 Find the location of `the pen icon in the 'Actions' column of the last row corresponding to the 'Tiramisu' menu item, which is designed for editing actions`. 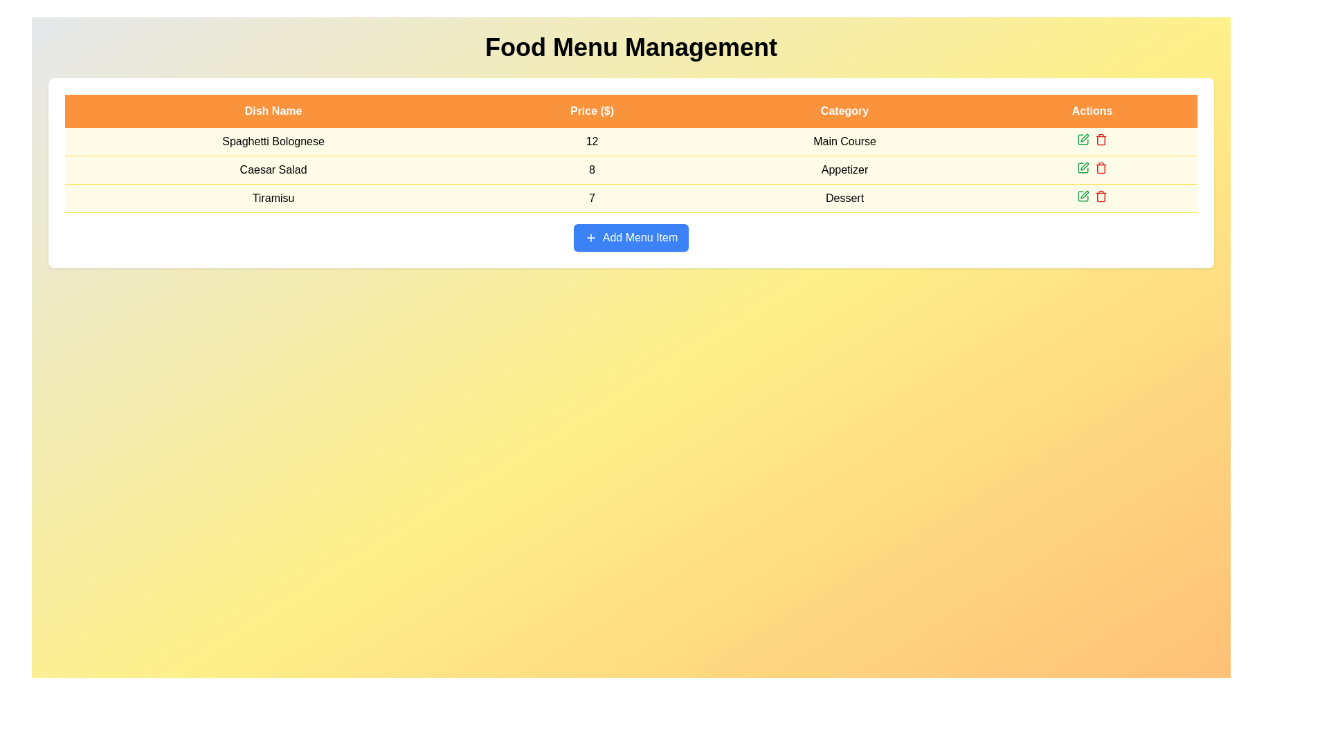

the pen icon in the 'Actions' column of the last row corresponding to the 'Tiramisu' menu item, which is designed for editing actions is located at coordinates (1084, 194).